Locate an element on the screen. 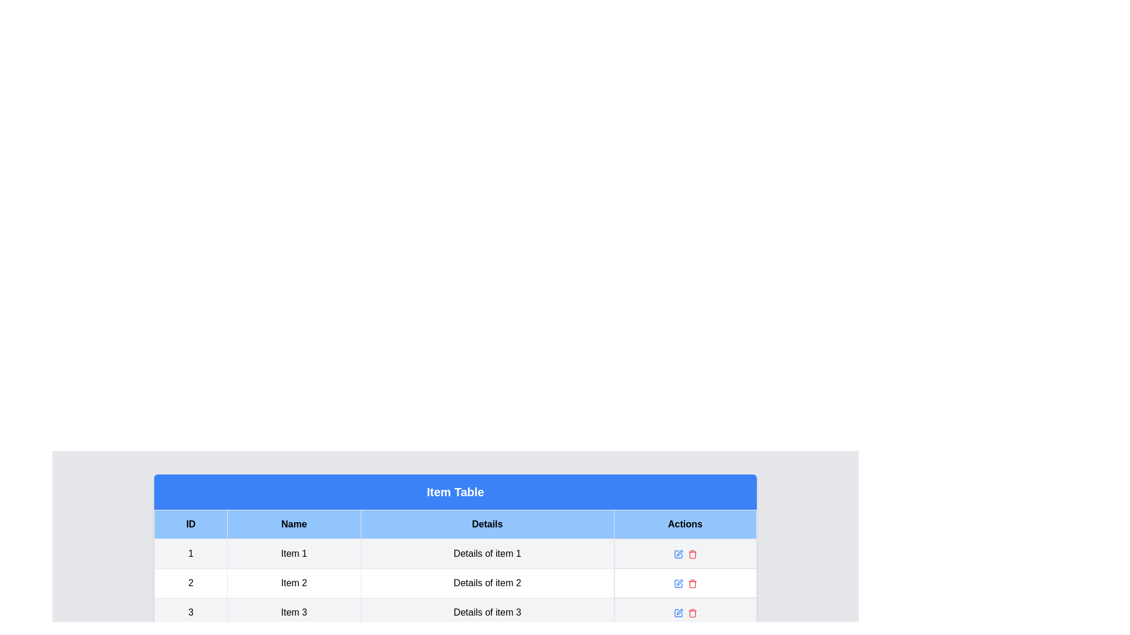 The height and width of the screenshot is (635, 1130). the table header column Name to sort or select it is located at coordinates (294, 523).